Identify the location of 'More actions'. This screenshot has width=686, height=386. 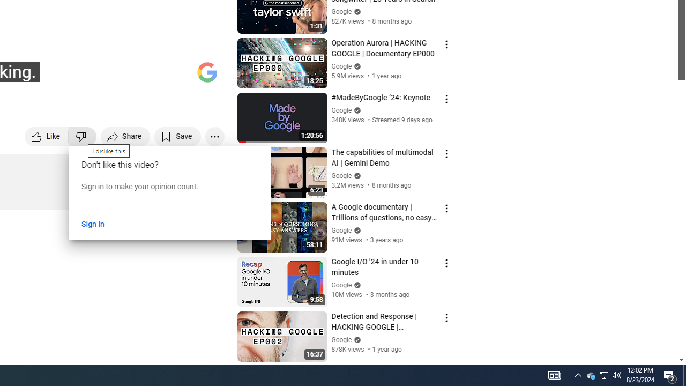
(214, 136).